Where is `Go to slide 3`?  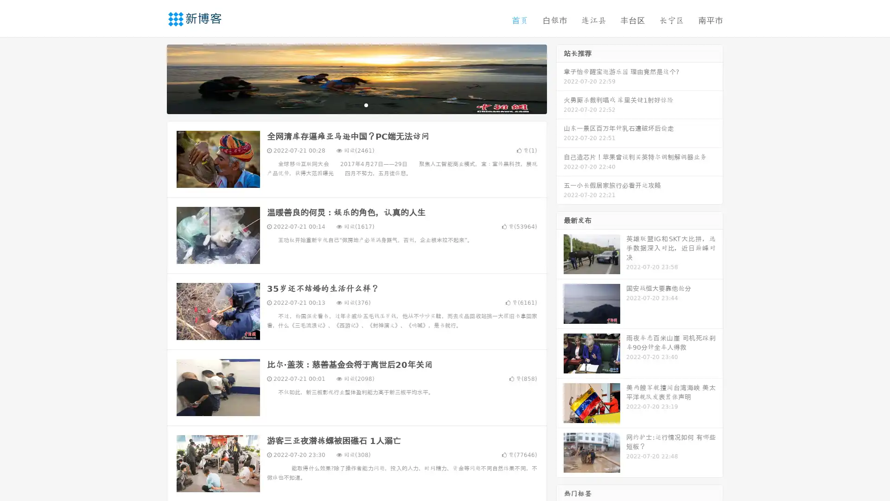 Go to slide 3 is located at coordinates (366, 104).